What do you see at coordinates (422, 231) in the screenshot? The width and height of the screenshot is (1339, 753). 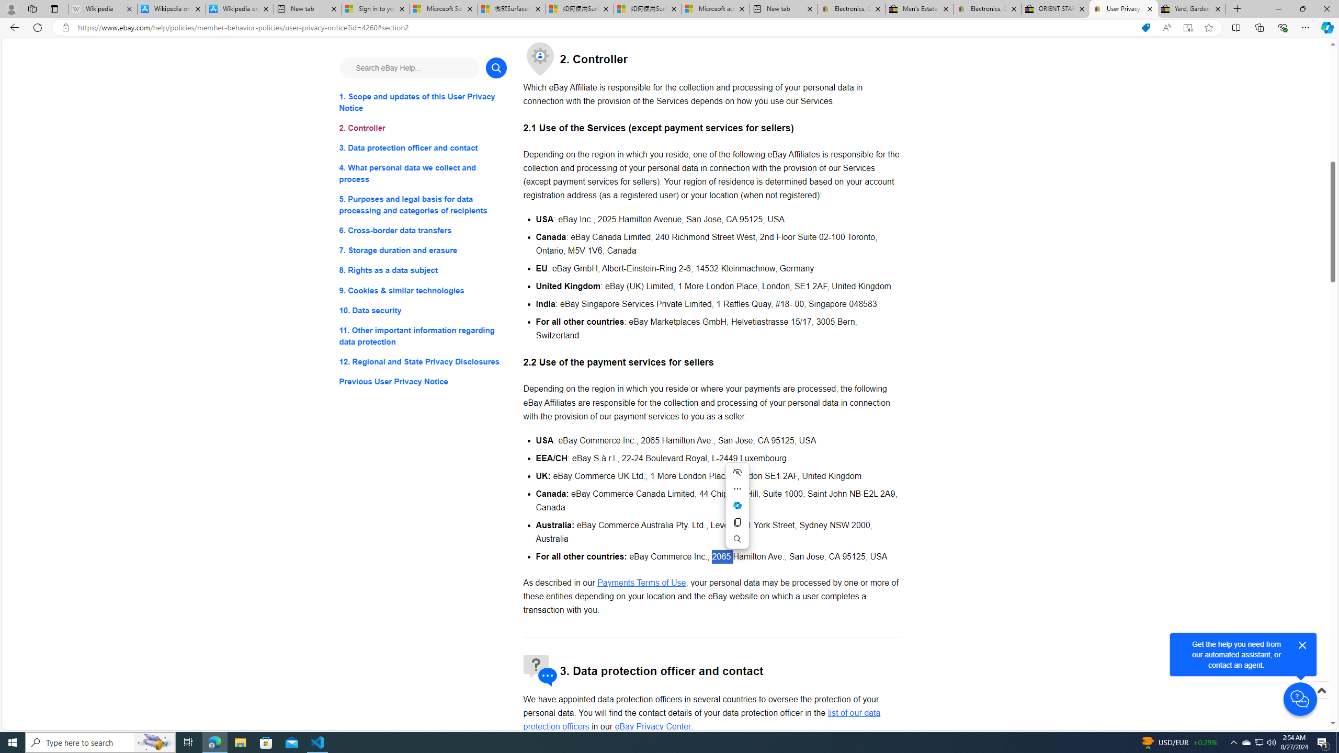 I see `'6. Cross-border data transfers'` at bounding box center [422, 231].